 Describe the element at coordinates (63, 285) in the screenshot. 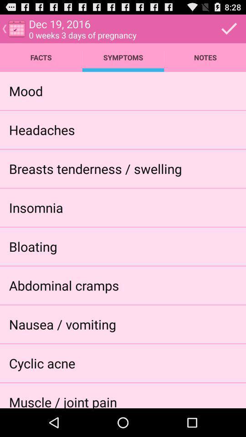

I see `the item above nausea / vomiting icon` at that location.